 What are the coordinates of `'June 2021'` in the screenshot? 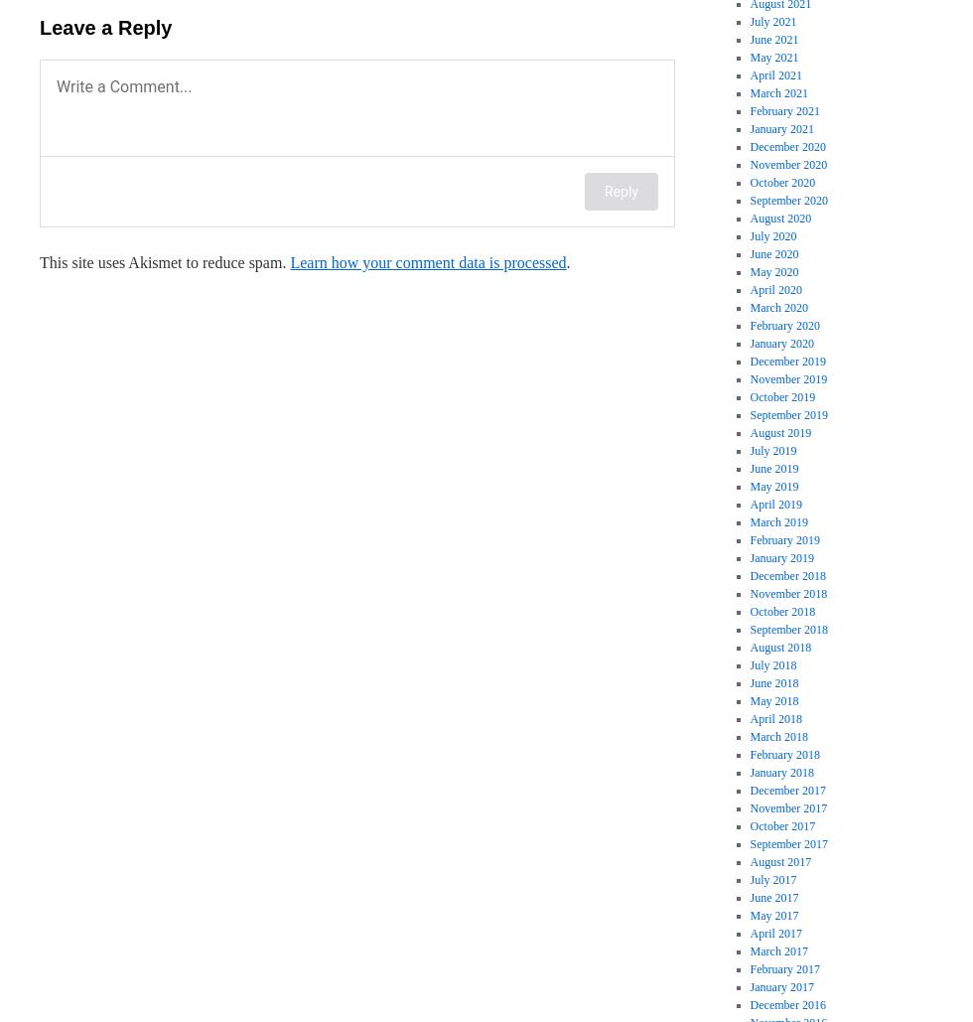 It's located at (773, 40).